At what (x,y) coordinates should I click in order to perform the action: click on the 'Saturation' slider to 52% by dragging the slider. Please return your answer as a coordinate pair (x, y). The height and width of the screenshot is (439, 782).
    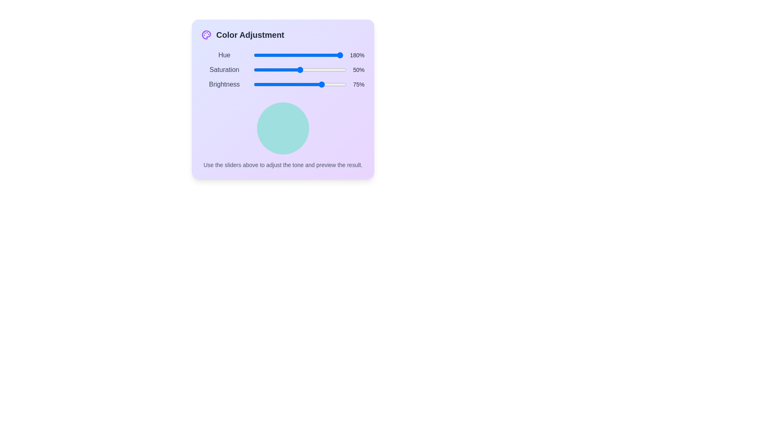
    Looking at the image, I should click on (301, 70).